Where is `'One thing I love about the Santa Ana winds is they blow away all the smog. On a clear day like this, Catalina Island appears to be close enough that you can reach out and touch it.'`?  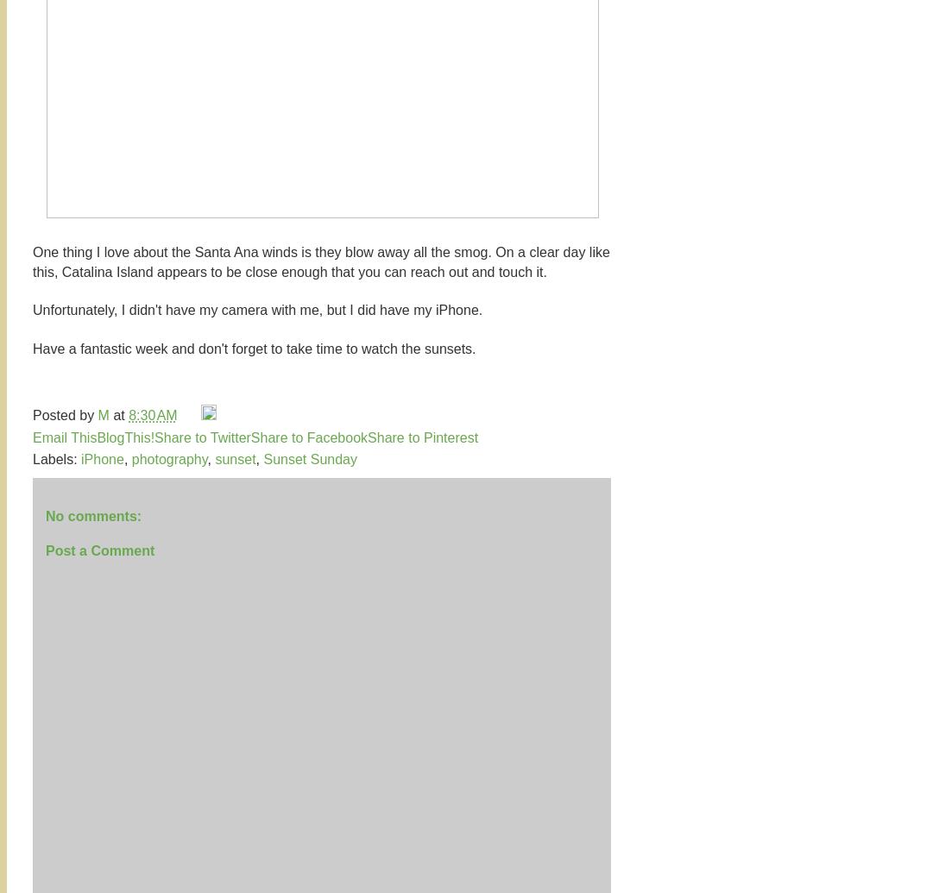
'One thing I love about the Santa Ana winds is they blow away all the smog. On a clear day like this, Catalina Island appears to be close enough that you can reach out and touch it.' is located at coordinates (320, 261).